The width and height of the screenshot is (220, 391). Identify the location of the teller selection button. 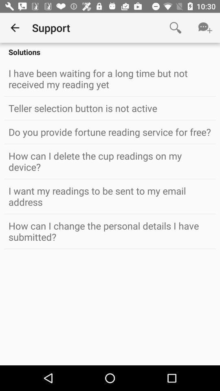
(110, 108).